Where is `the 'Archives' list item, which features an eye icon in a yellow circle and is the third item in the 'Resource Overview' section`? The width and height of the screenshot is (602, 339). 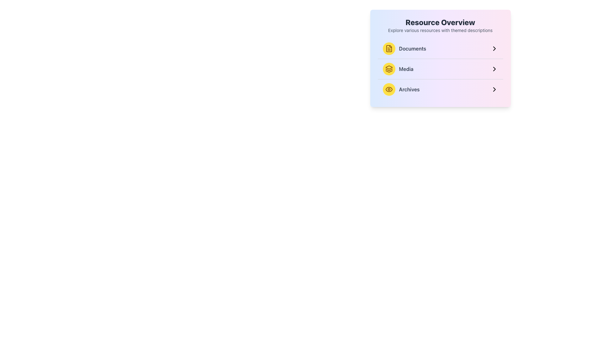
the 'Archives' list item, which features an eye icon in a yellow circle and is the third item in the 'Resource Overview' section is located at coordinates (401, 89).